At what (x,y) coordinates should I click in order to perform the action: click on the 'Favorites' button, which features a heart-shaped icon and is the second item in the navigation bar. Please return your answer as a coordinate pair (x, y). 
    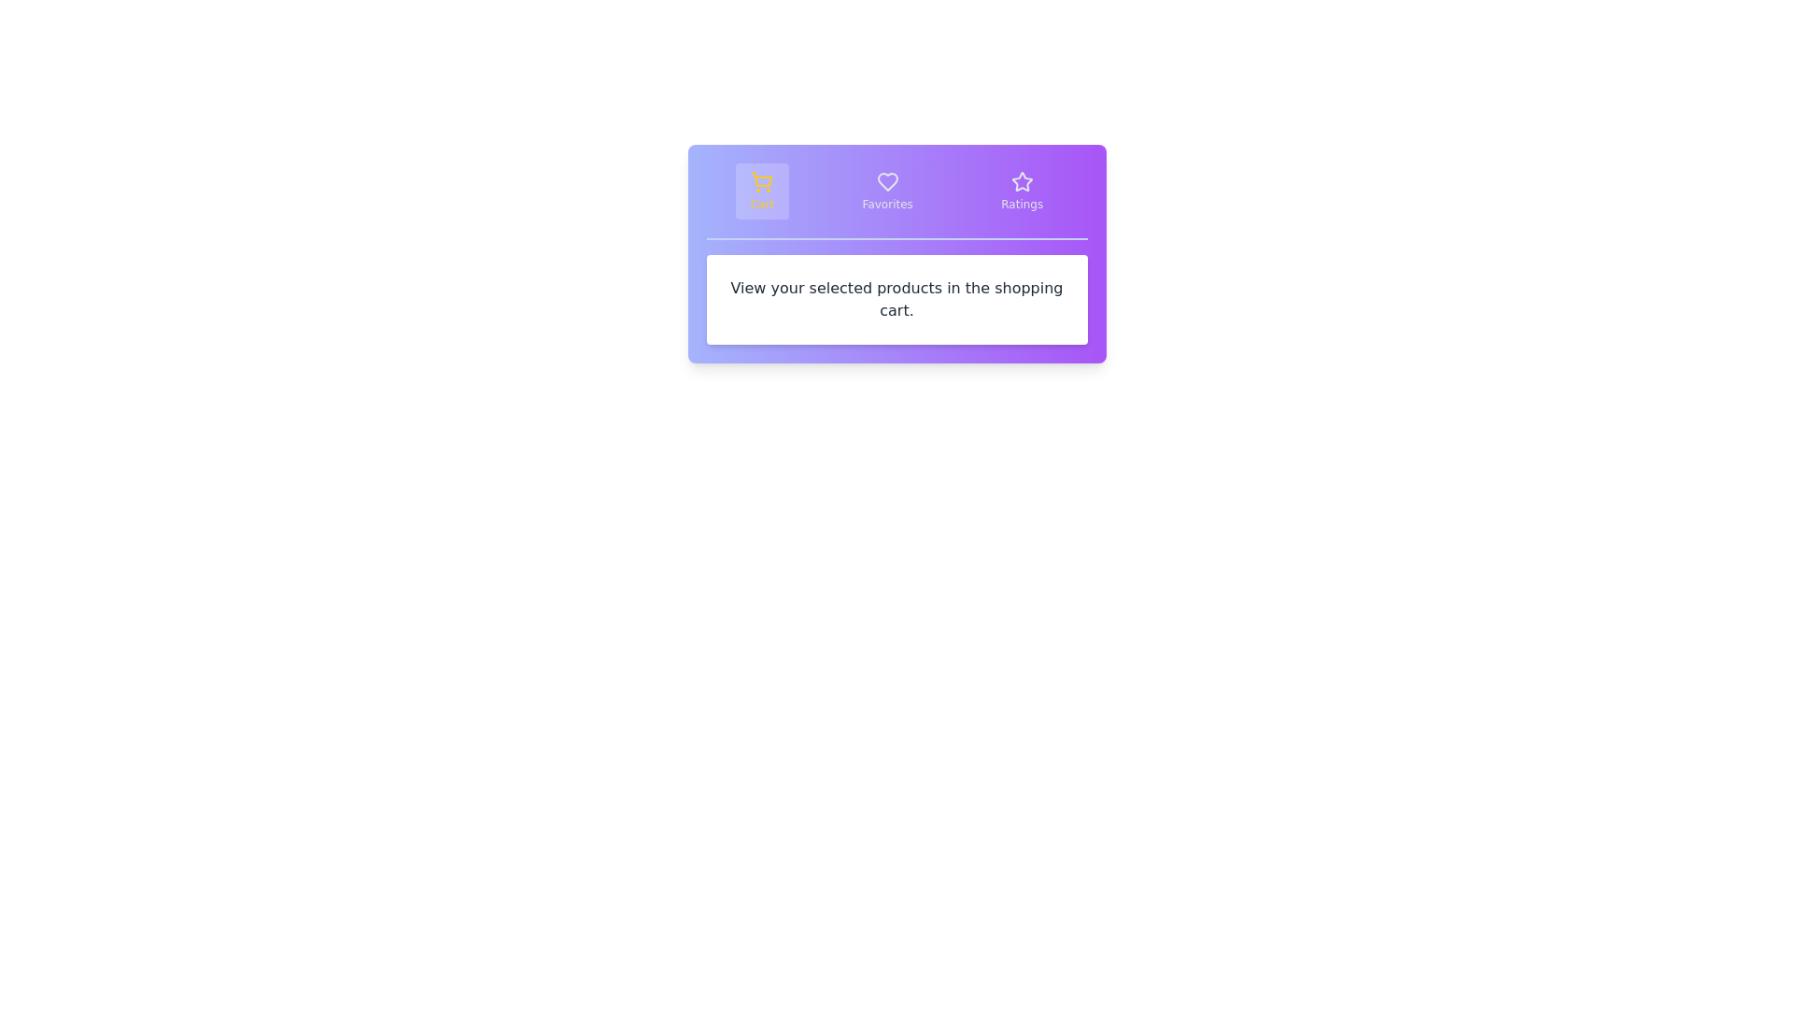
    Looking at the image, I should click on (886, 191).